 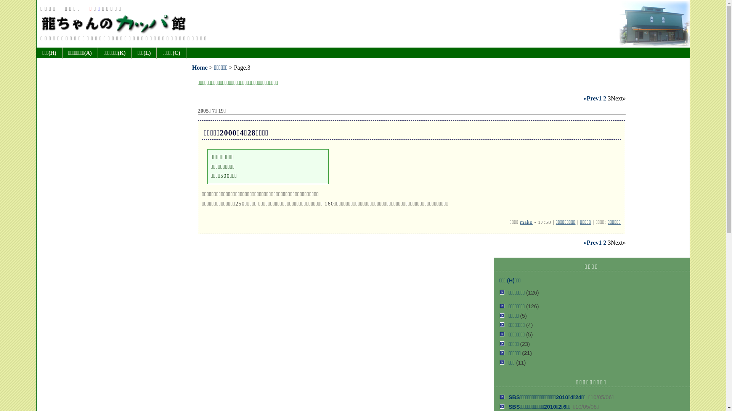 I want to click on 'mako', so click(x=526, y=222).